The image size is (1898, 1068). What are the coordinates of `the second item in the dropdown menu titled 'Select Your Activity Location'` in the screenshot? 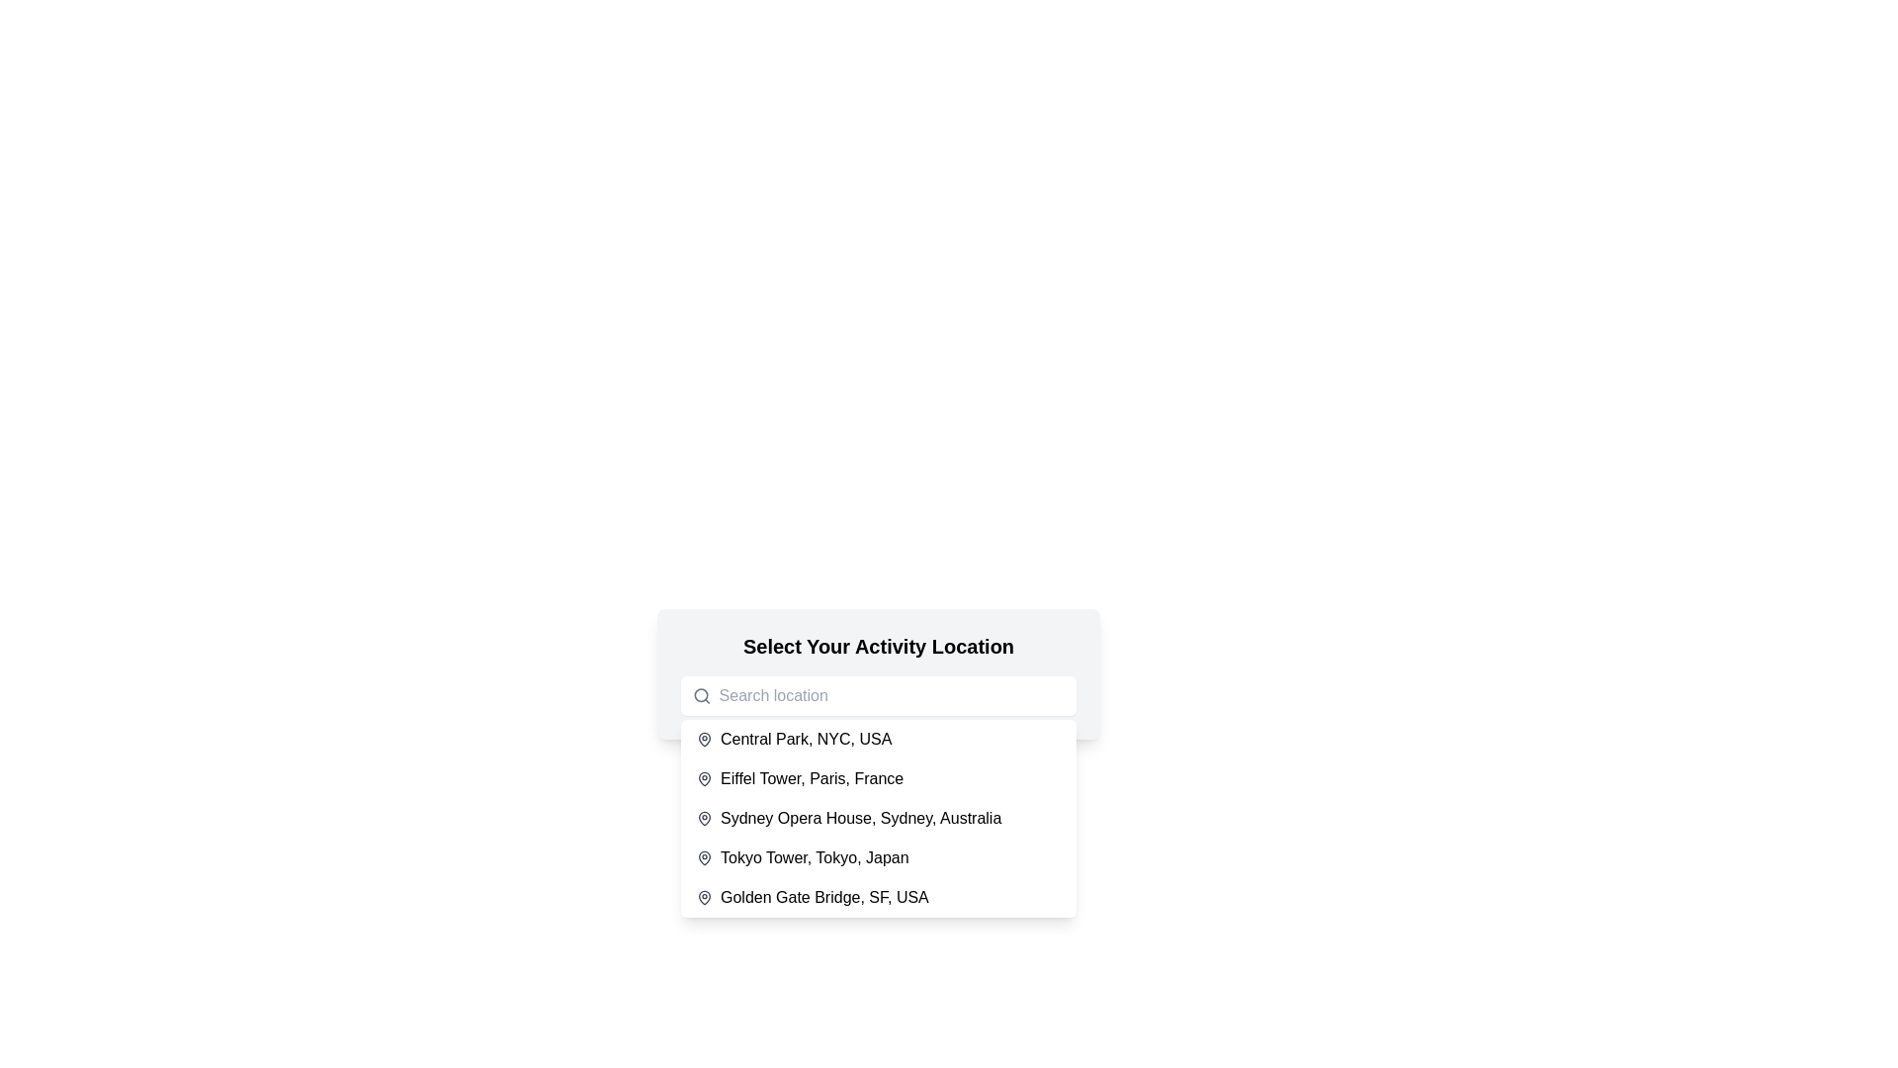 It's located at (877, 777).